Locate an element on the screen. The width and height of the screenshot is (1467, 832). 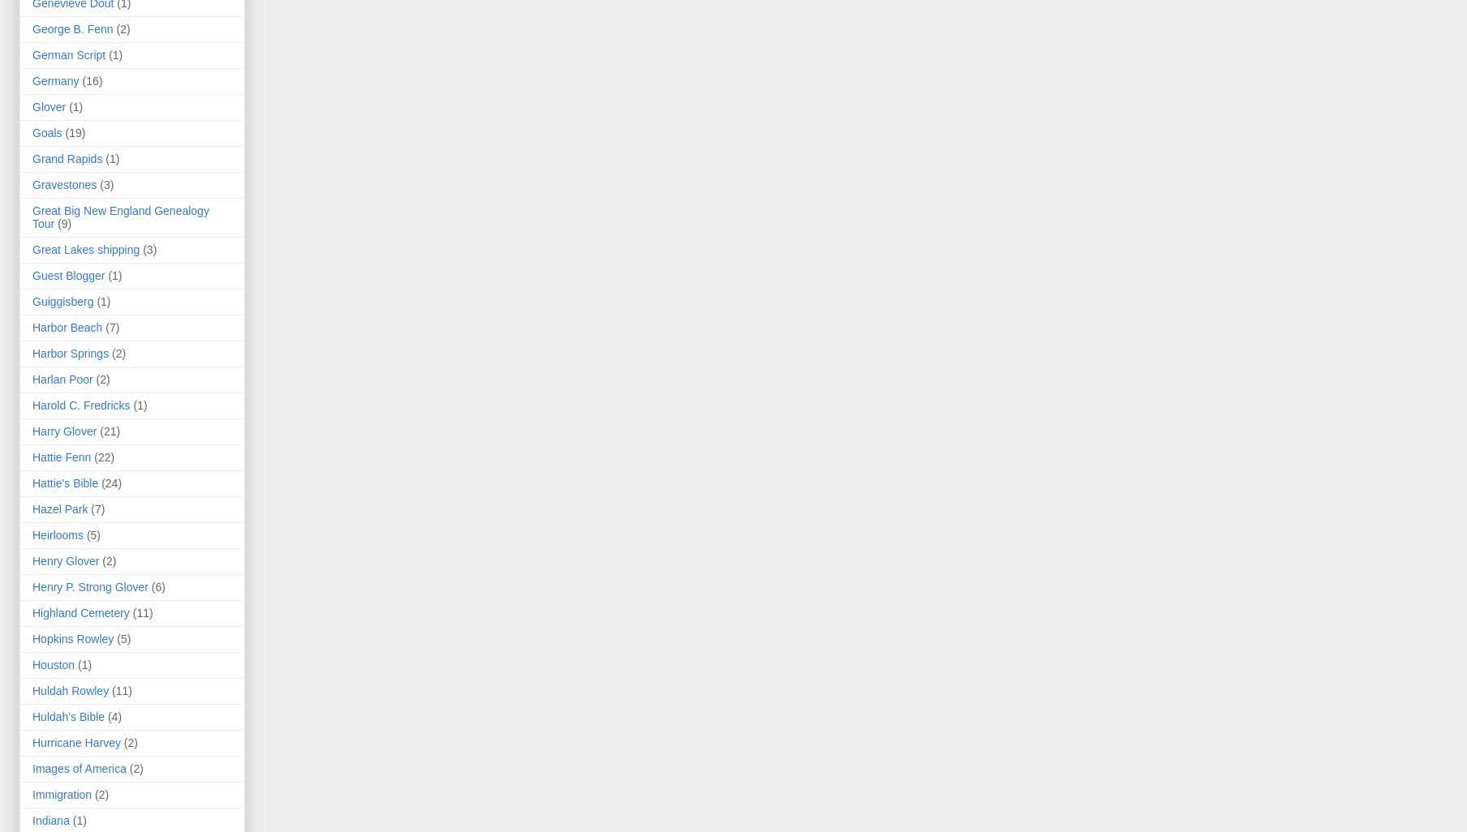
'Harbor Beach' is located at coordinates (66, 327).